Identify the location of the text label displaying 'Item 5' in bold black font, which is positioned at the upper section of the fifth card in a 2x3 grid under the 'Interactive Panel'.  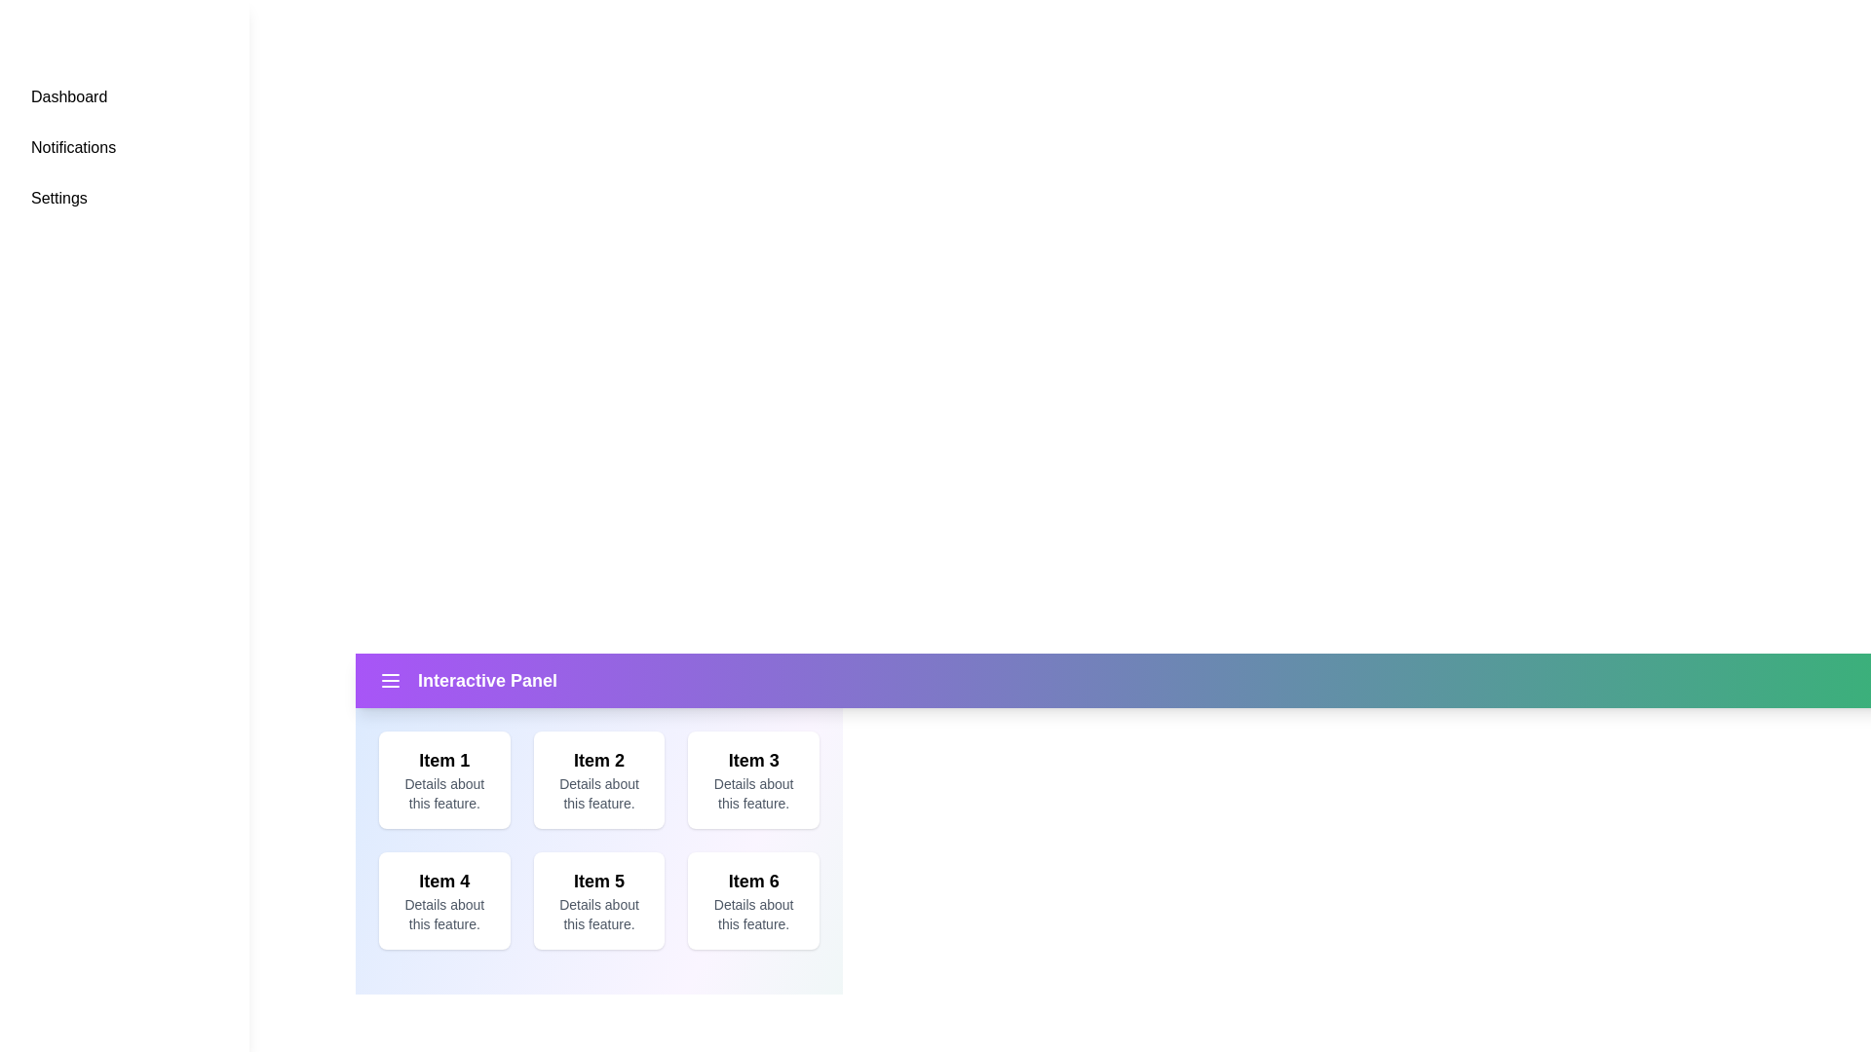
(597, 882).